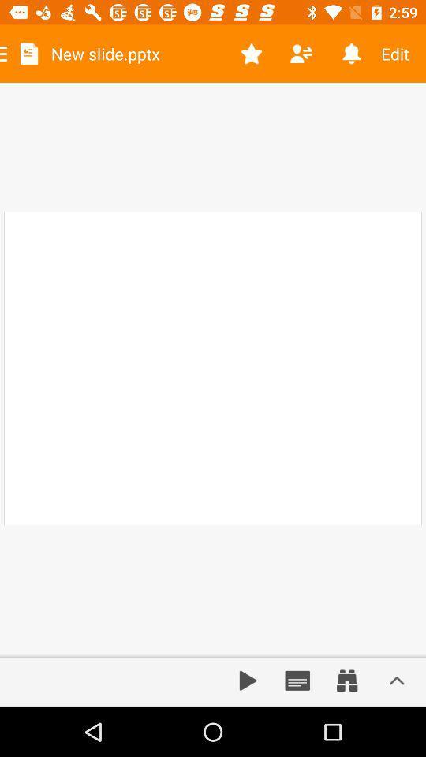 The height and width of the screenshot is (757, 426). What do you see at coordinates (297, 680) in the screenshot?
I see `the description icon` at bounding box center [297, 680].